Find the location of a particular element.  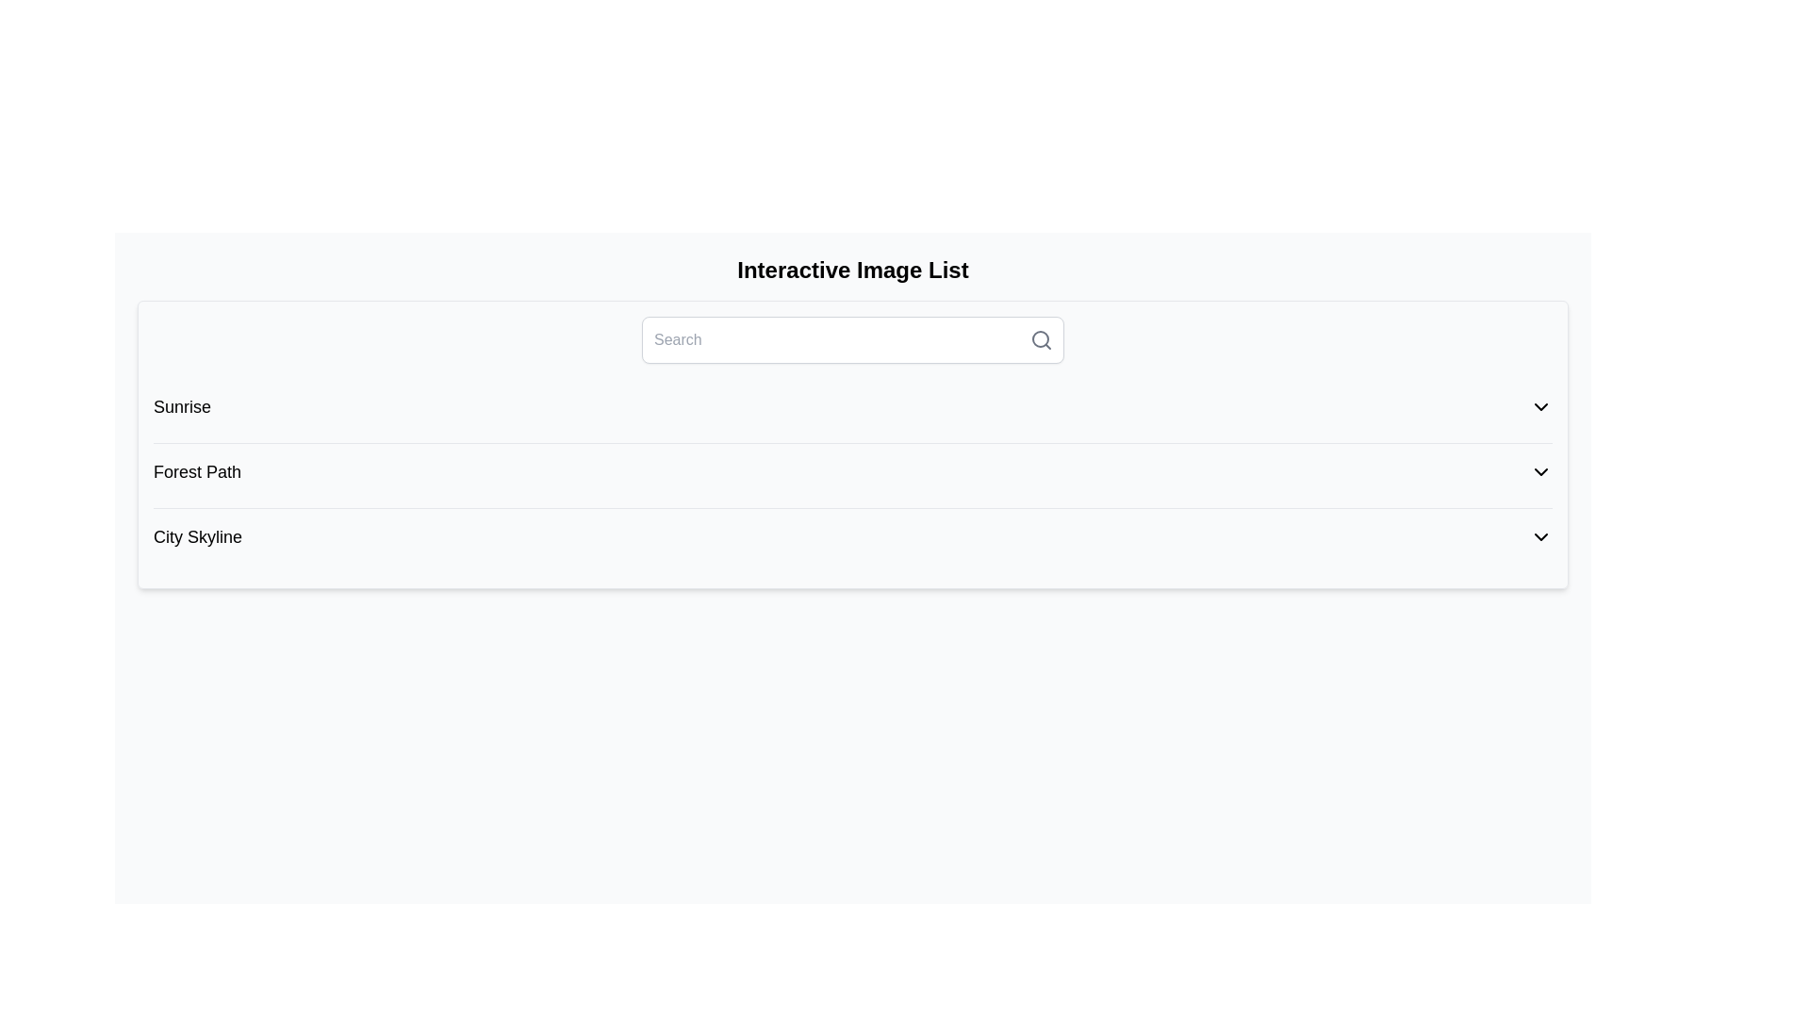

the chevron of the third collapsible list item, 'City Skyline' is located at coordinates (852, 540).